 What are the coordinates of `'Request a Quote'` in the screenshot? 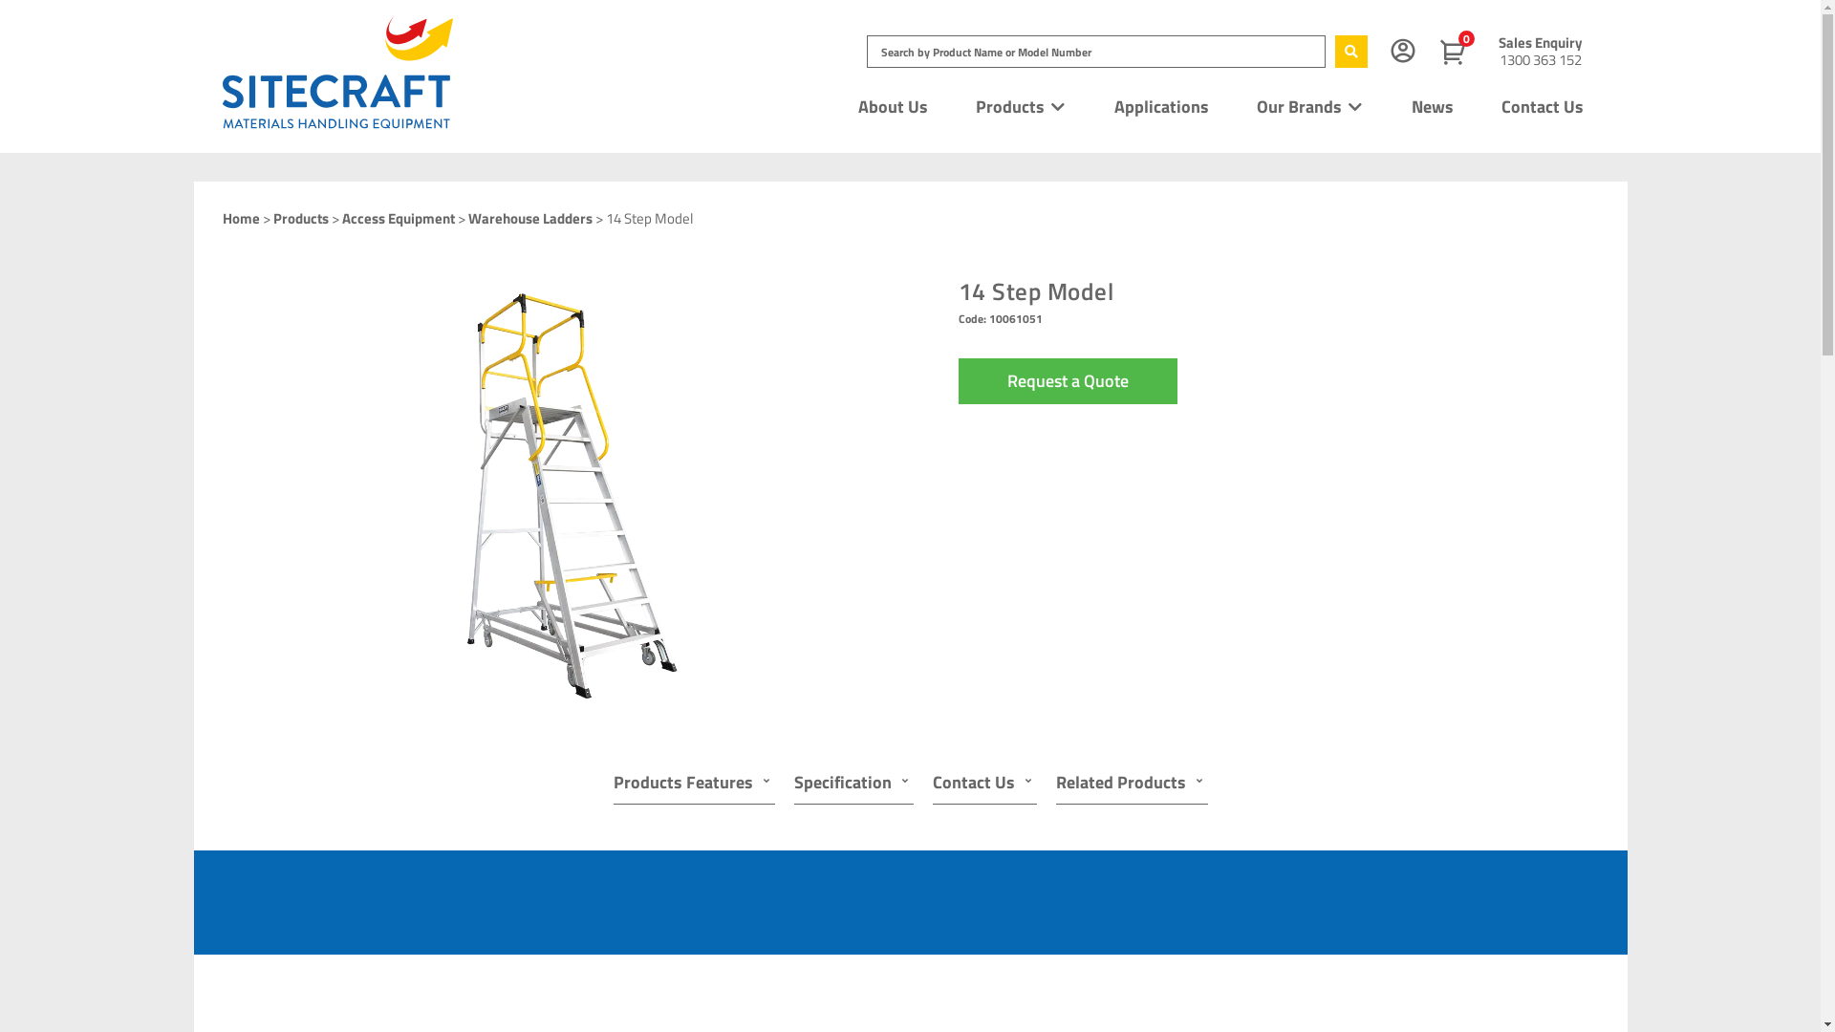 It's located at (1066, 380).